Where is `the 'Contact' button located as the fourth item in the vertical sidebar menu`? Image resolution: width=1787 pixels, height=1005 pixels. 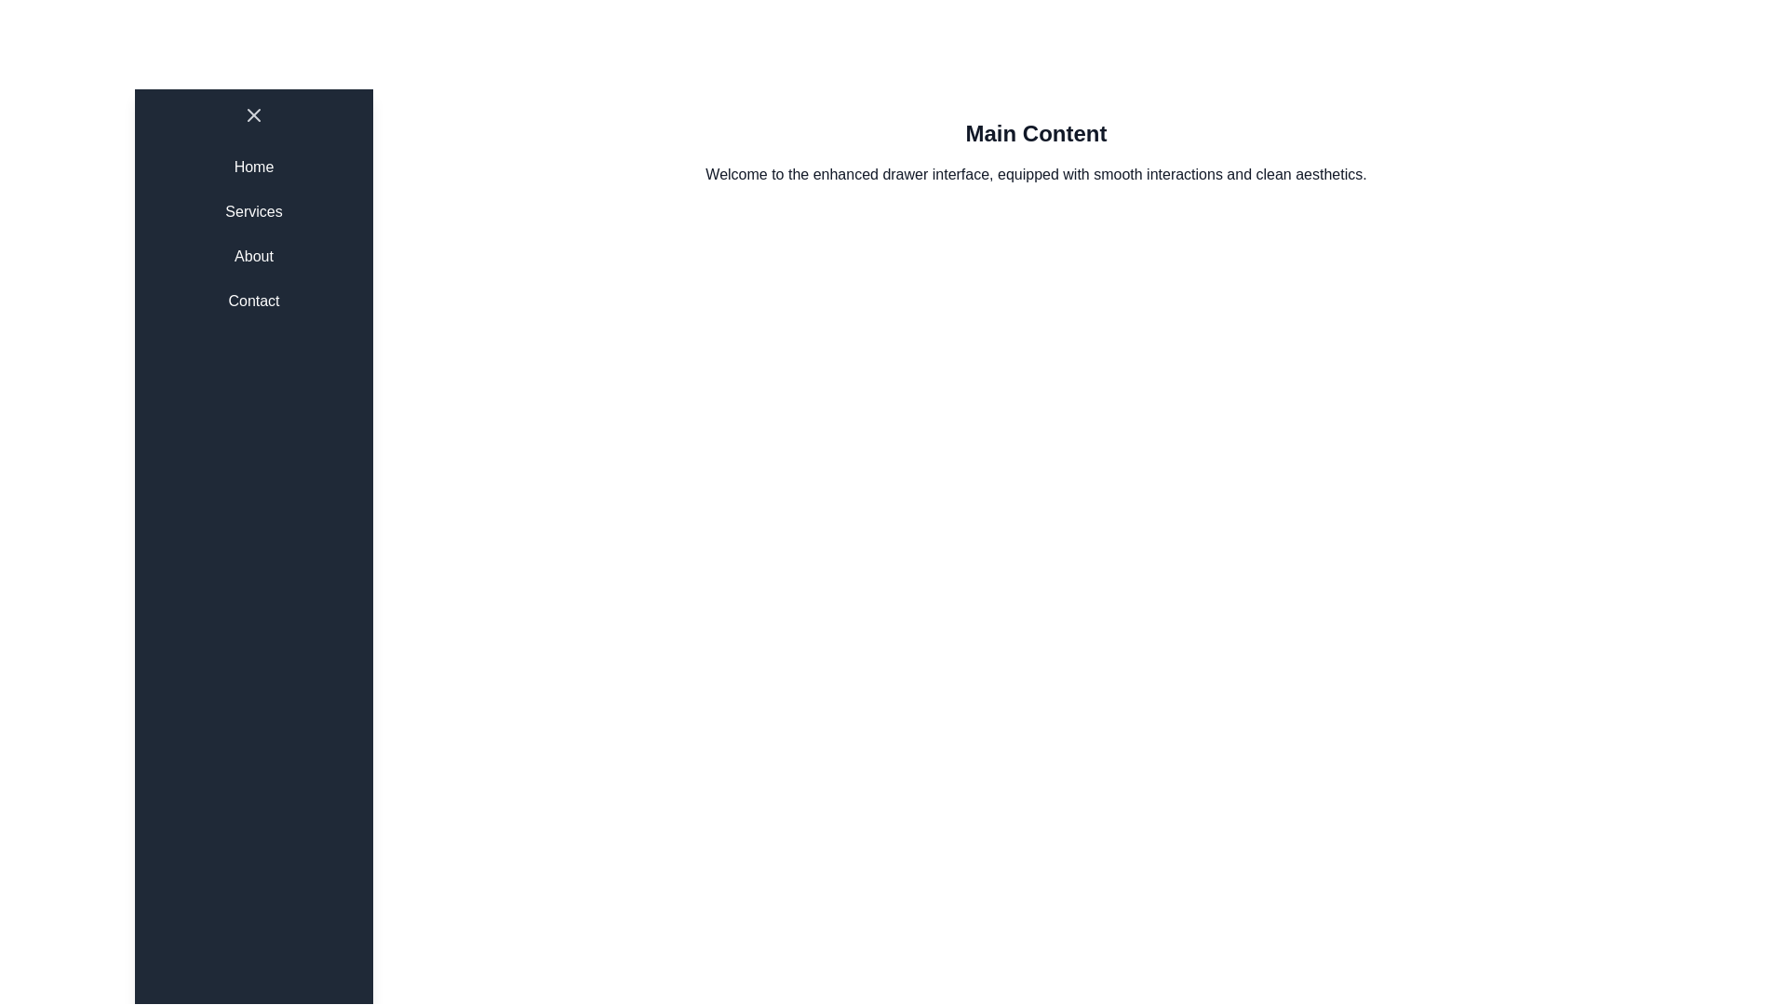
the 'Contact' button located as the fourth item in the vertical sidebar menu is located at coordinates (253, 301).